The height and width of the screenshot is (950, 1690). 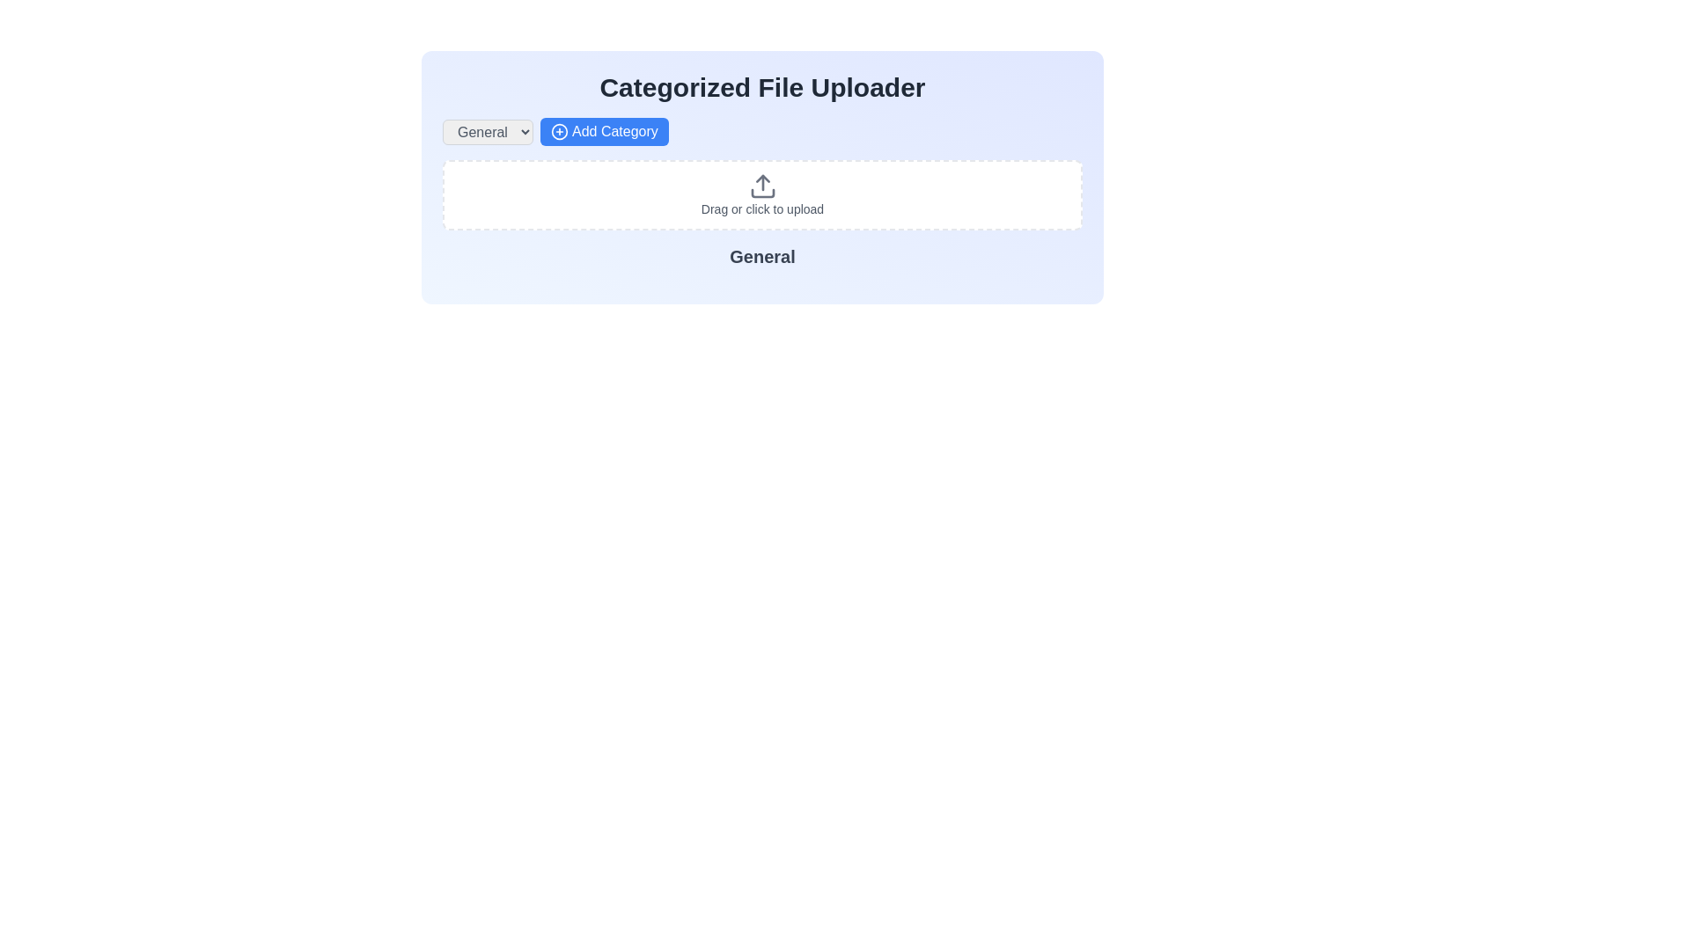 I want to click on the blue button with rounded corners labeled 'Add Category', which includes a plus icon, located to the right of the 'General' dropdown in the 'Categorized File Uploader' section, so click(x=604, y=131).